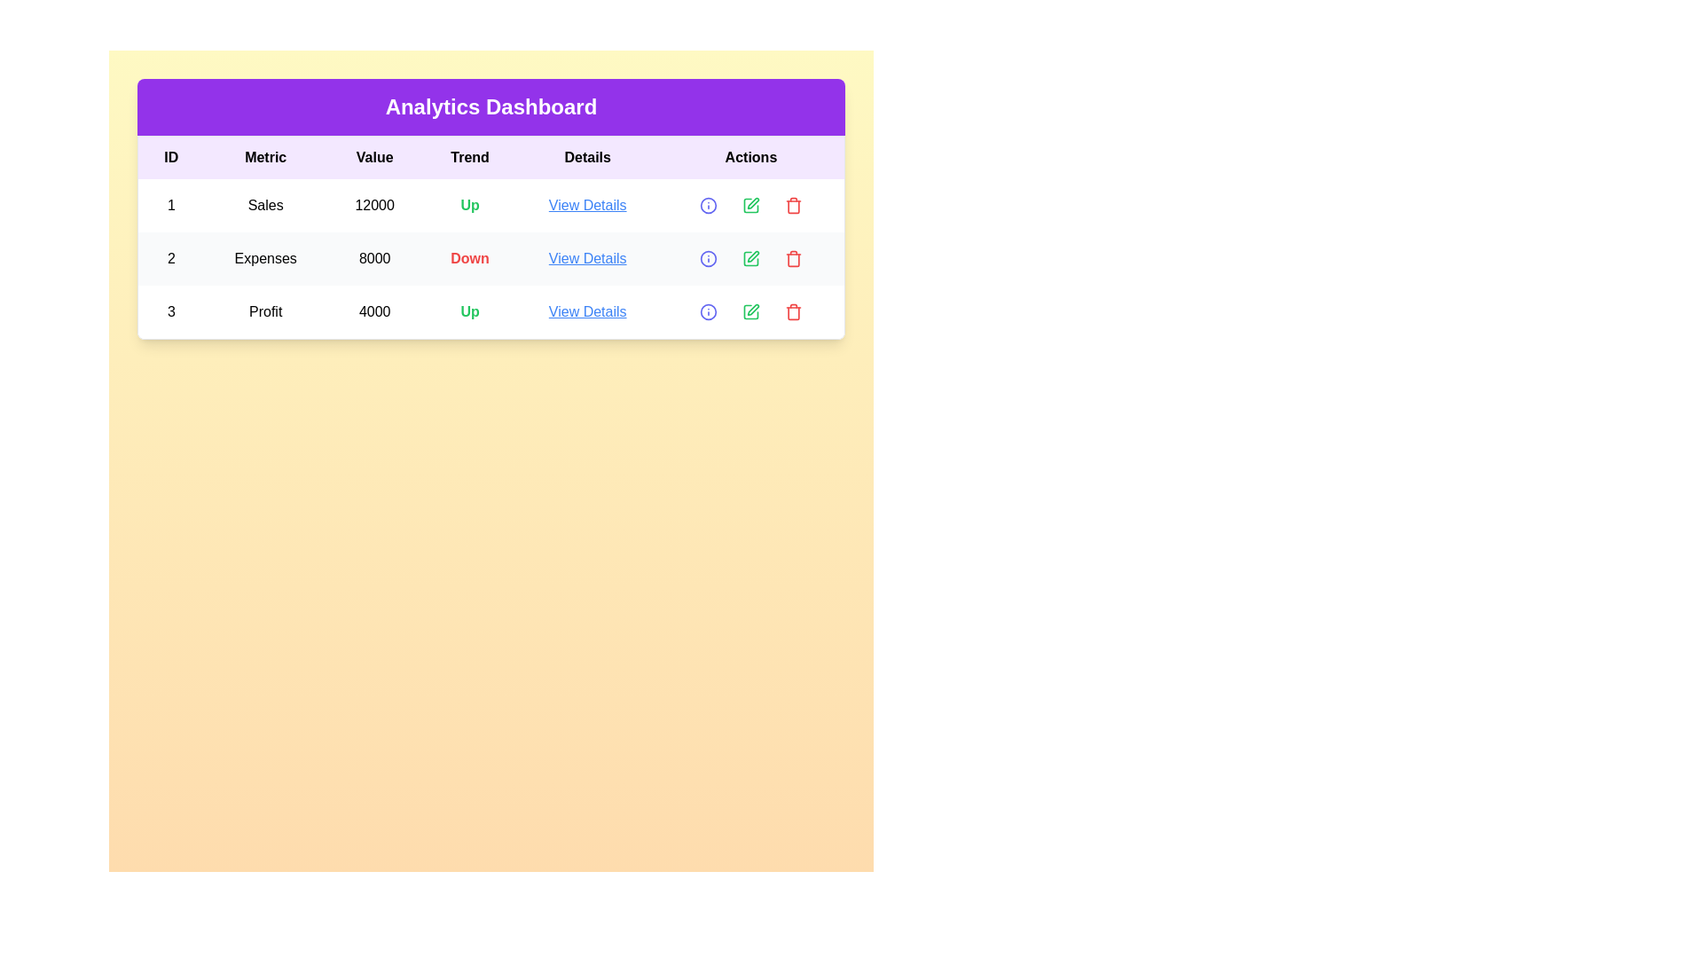 The width and height of the screenshot is (1703, 958). What do you see at coordinates (470, 204) in the screenshot?
I see `bold green text label displaying 'Up' in the 'Trend' column of the first row in the table of the 'Analytics Dashboard'` at bounding box center [470, 204].